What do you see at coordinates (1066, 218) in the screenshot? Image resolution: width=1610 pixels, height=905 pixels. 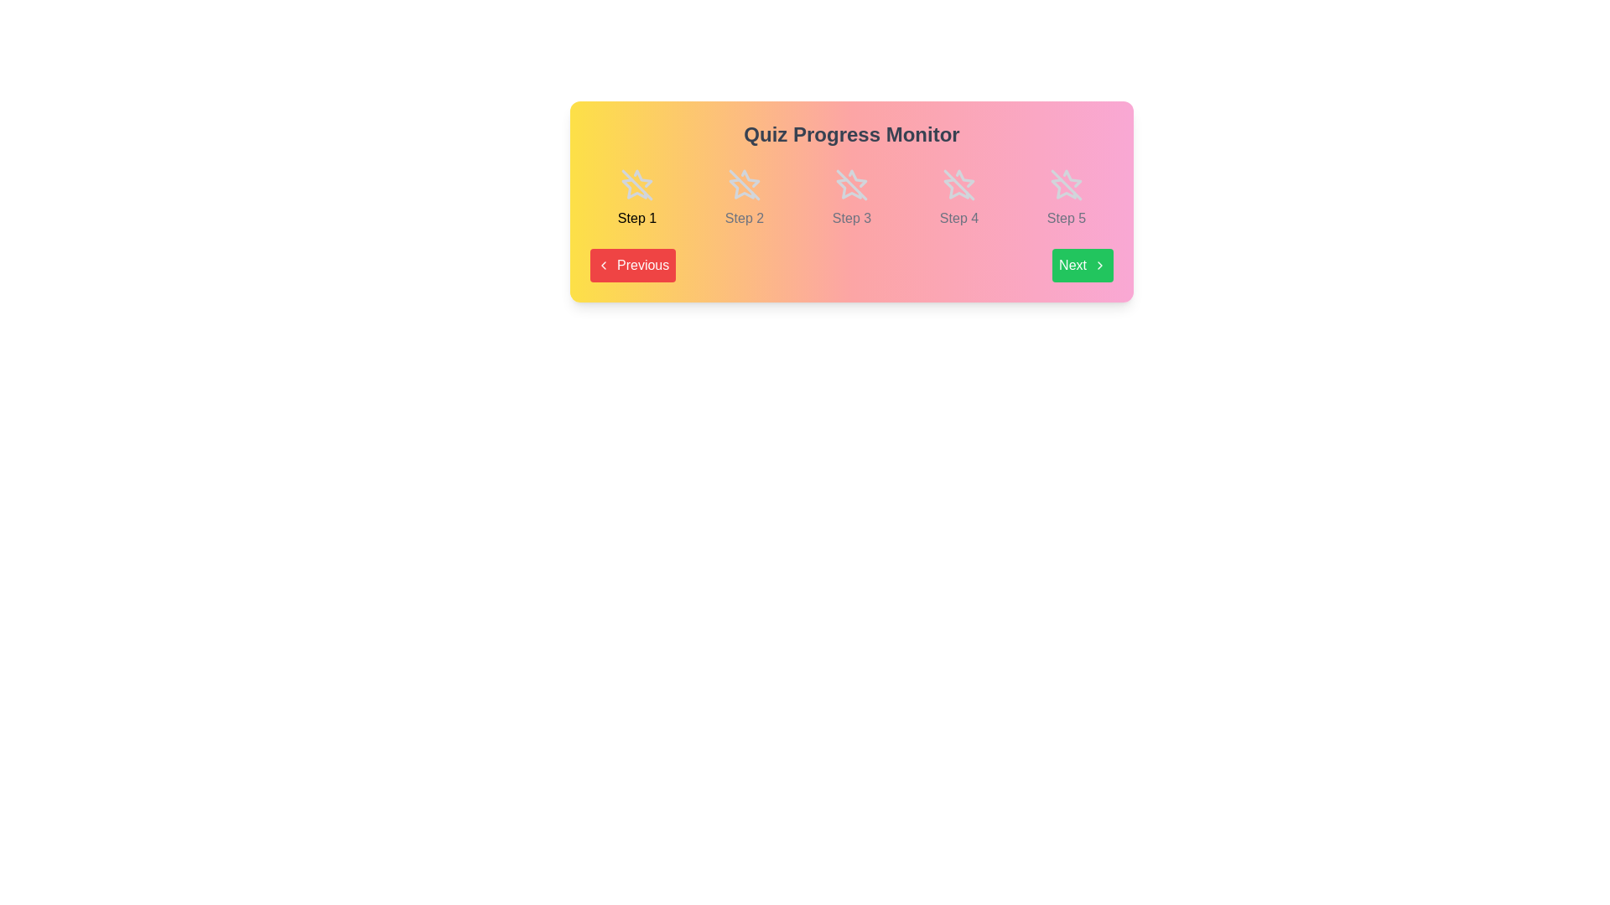 I see `text content of the 'Step 5' text label, which is styled with a light gray color and modest font size, located under the progress marker icon` at bounding box center [1066, 218].